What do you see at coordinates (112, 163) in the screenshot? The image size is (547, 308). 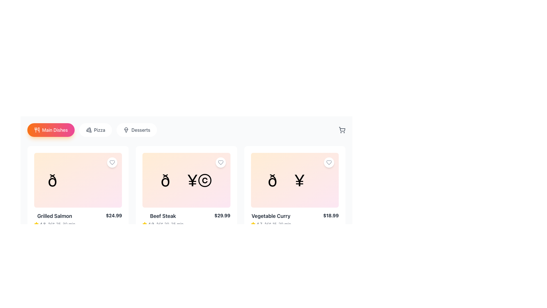 I see `the 'favorite' icon button located within the white circular button at the top-right corner of the 'Grilled Salmon' card` at bounding box center [112, 163].